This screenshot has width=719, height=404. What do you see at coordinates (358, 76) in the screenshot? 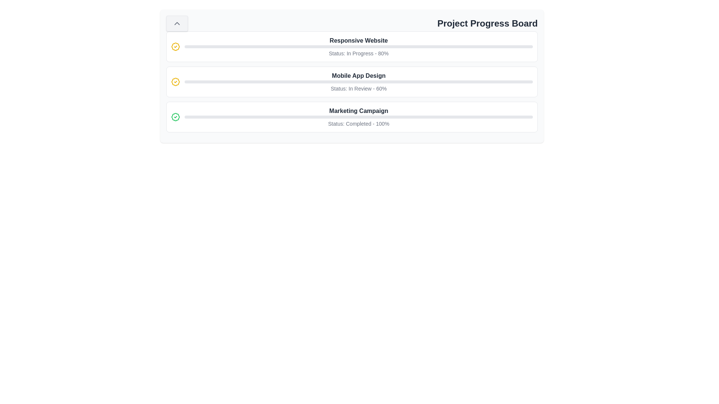
I see `the text label that serves as the title for the 'Mobile App Design' task, which is centrally aligned in the second section of the progress board` at bounding box center [358, 76].